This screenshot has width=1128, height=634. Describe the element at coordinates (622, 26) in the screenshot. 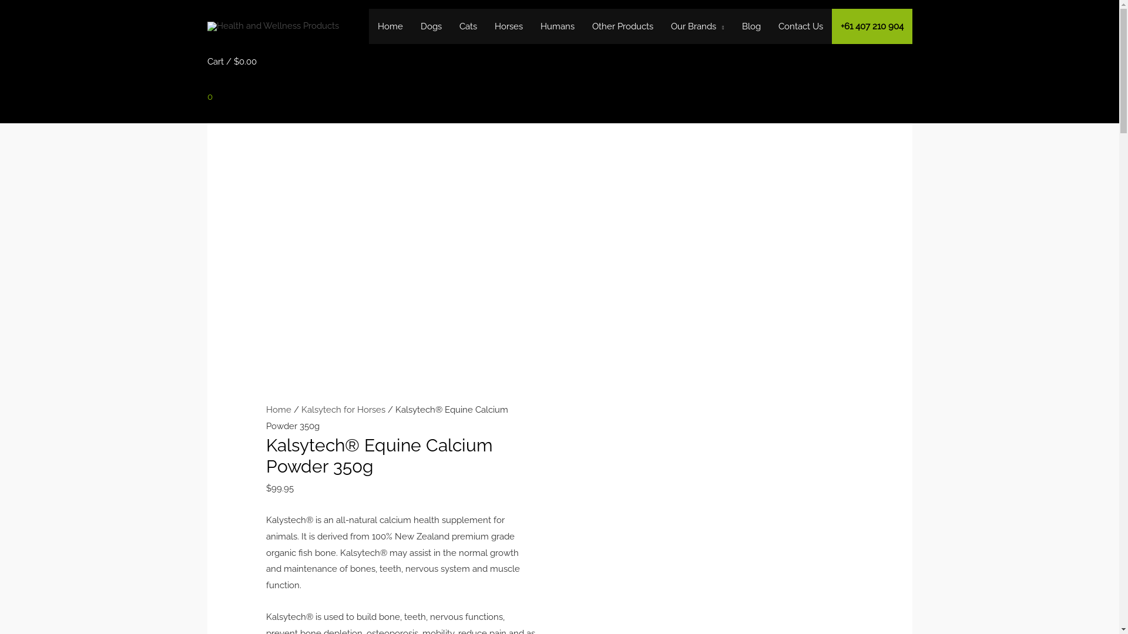

I see `'Other Products'` at that location.